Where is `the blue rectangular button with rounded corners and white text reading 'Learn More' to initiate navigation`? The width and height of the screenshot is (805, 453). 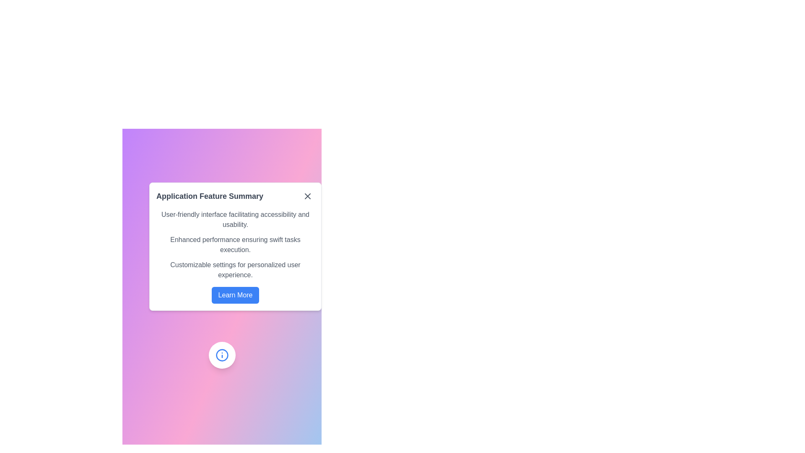 the blue rectangular button with rounded corners and white text reading 'Learn More' to initiate navigation is located at coordinates (235, 295).